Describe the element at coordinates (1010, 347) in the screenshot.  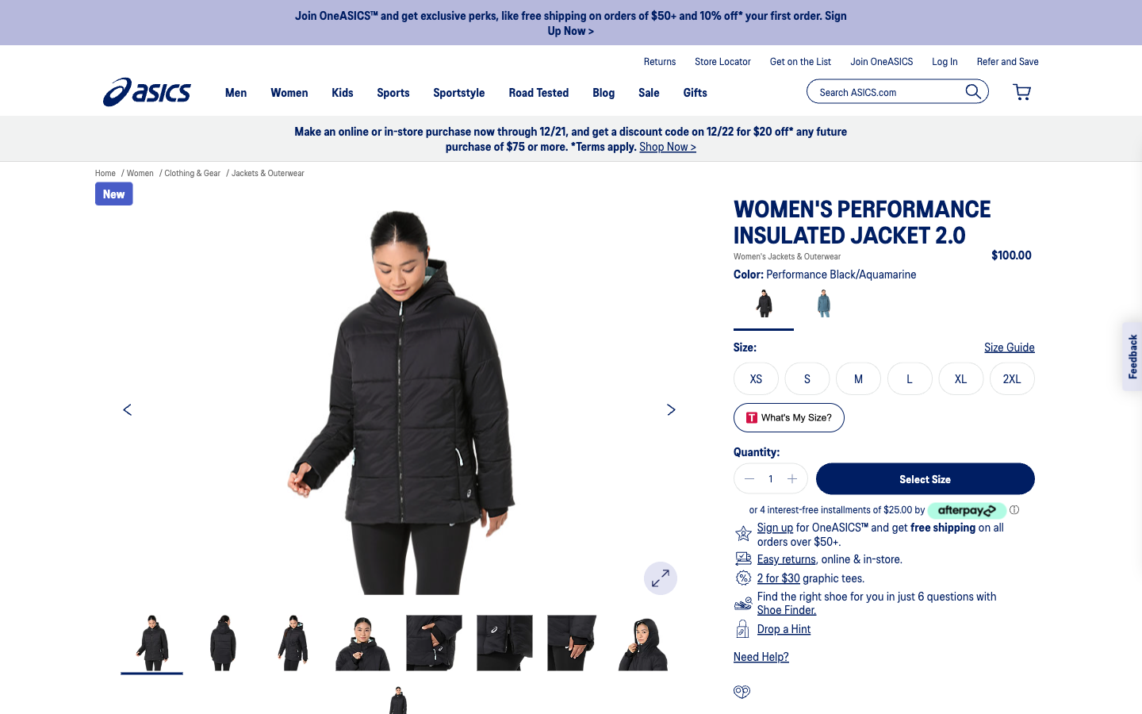
I see `figure out what size i should buy` at that location.